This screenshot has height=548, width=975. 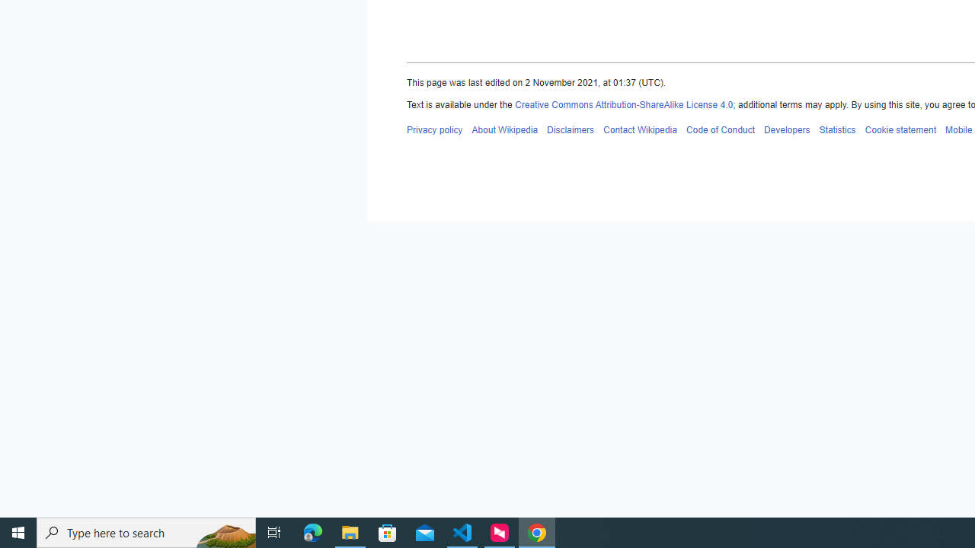 What do you see at coordinates (640, 129) in the screenshot?
I see `'AutomationID: footer-places-contact'` at bounding box center [640, 129].